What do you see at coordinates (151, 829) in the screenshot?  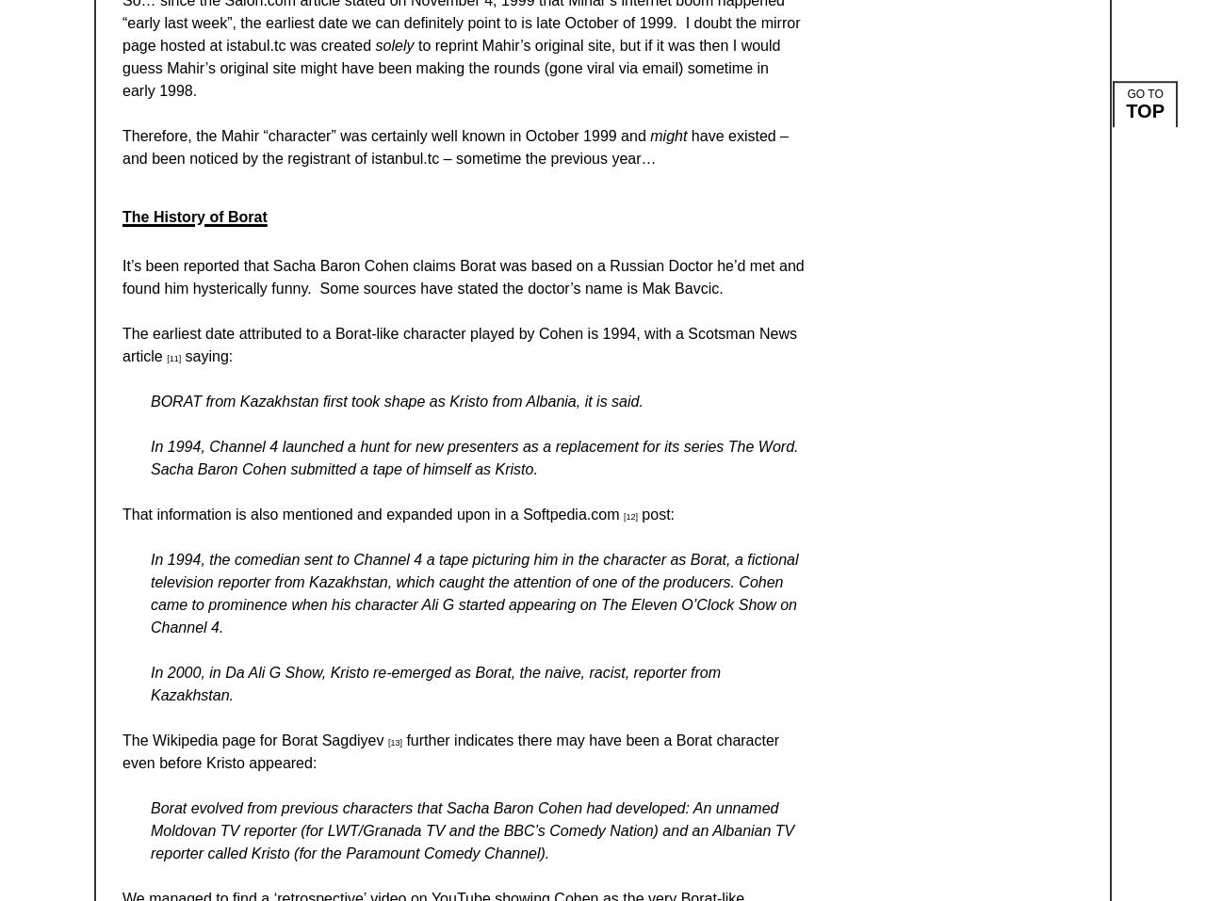 I see `'Borat evolved from previous characters that Sacha Baron Cohen had developed: An unnamed Moldovan TV reporter (for LWT/Granada TV and the BBC’s Comedy Nation) and an Albanian TV reporter called Kristo (for the Paramount Comedy Channel).'` at bounding box center [151, 829].